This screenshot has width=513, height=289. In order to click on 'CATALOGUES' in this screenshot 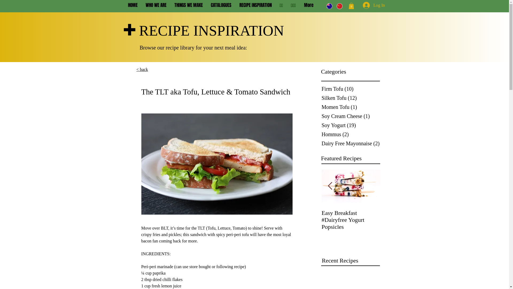, I will do `click(206, 5)`.